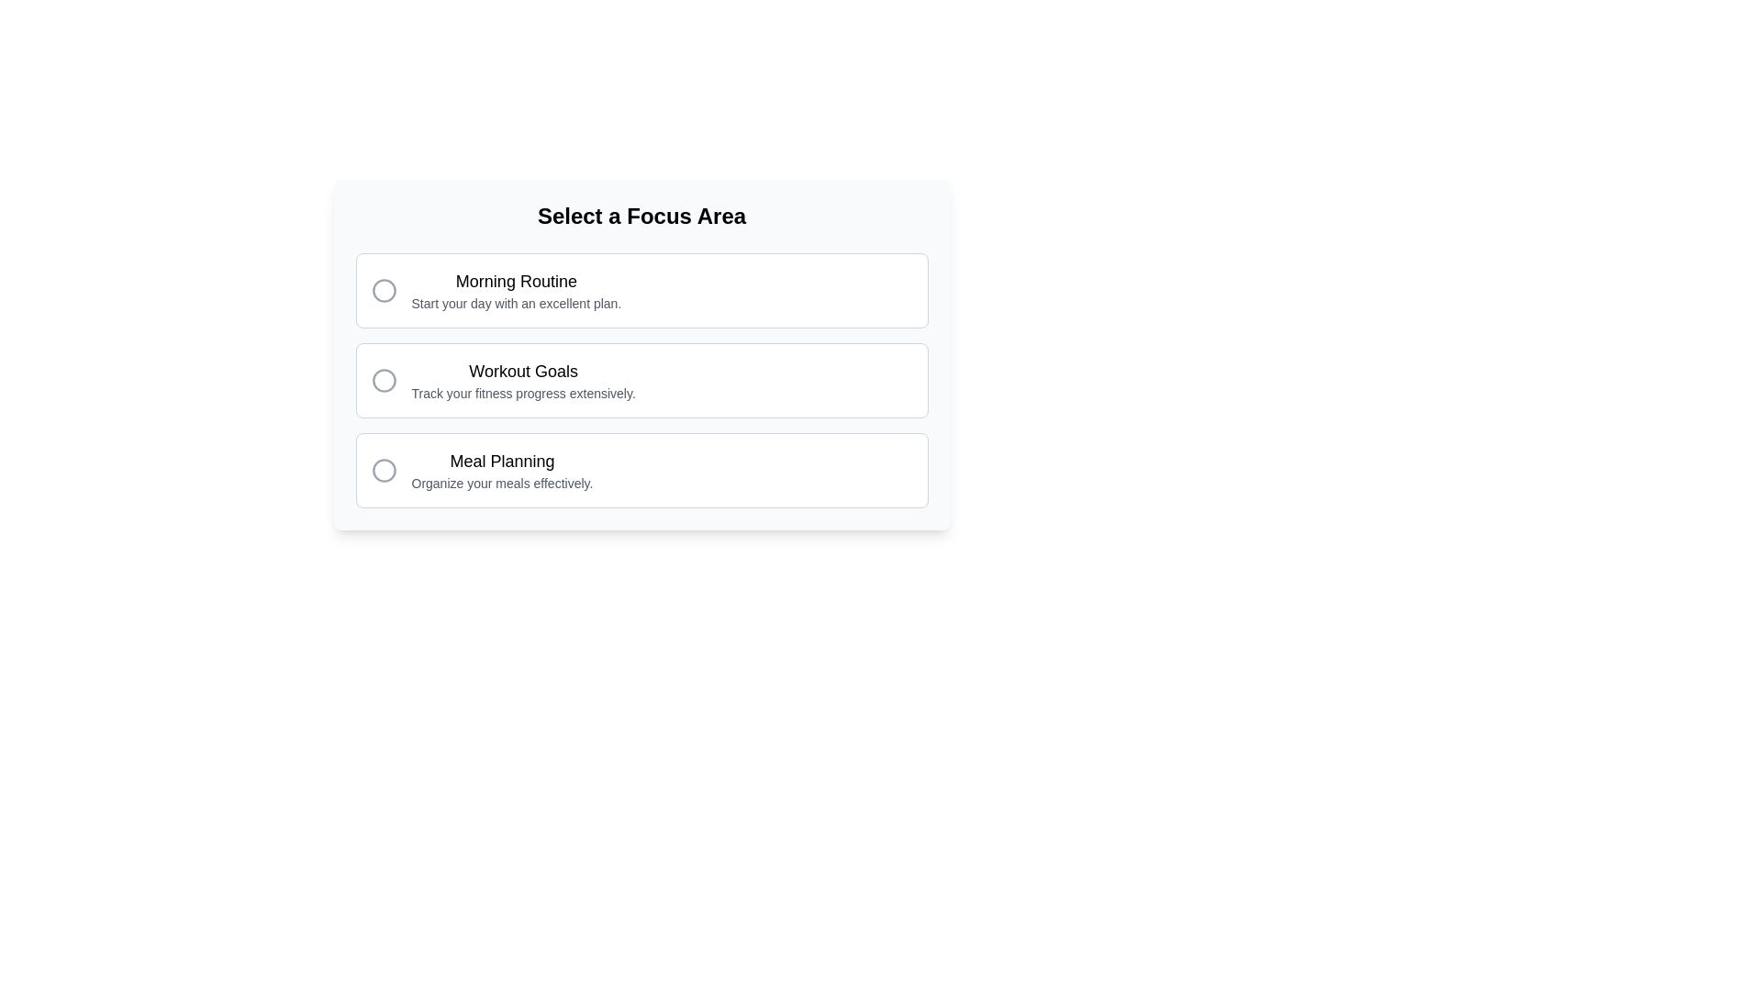 The image size is (1762, 991). What do you see at coordinates (502, 460) in the screenshot?
I see `the text label that serves as the title for the third selectable focus area option in the list titled 'Select a Focus Area.'` at bounding box center [502, 460].